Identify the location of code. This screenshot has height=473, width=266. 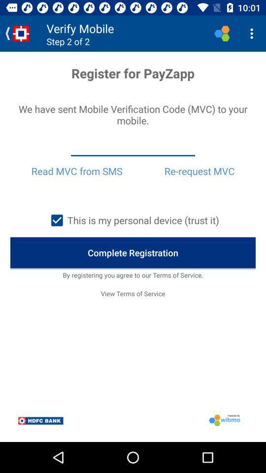
(133, 147).